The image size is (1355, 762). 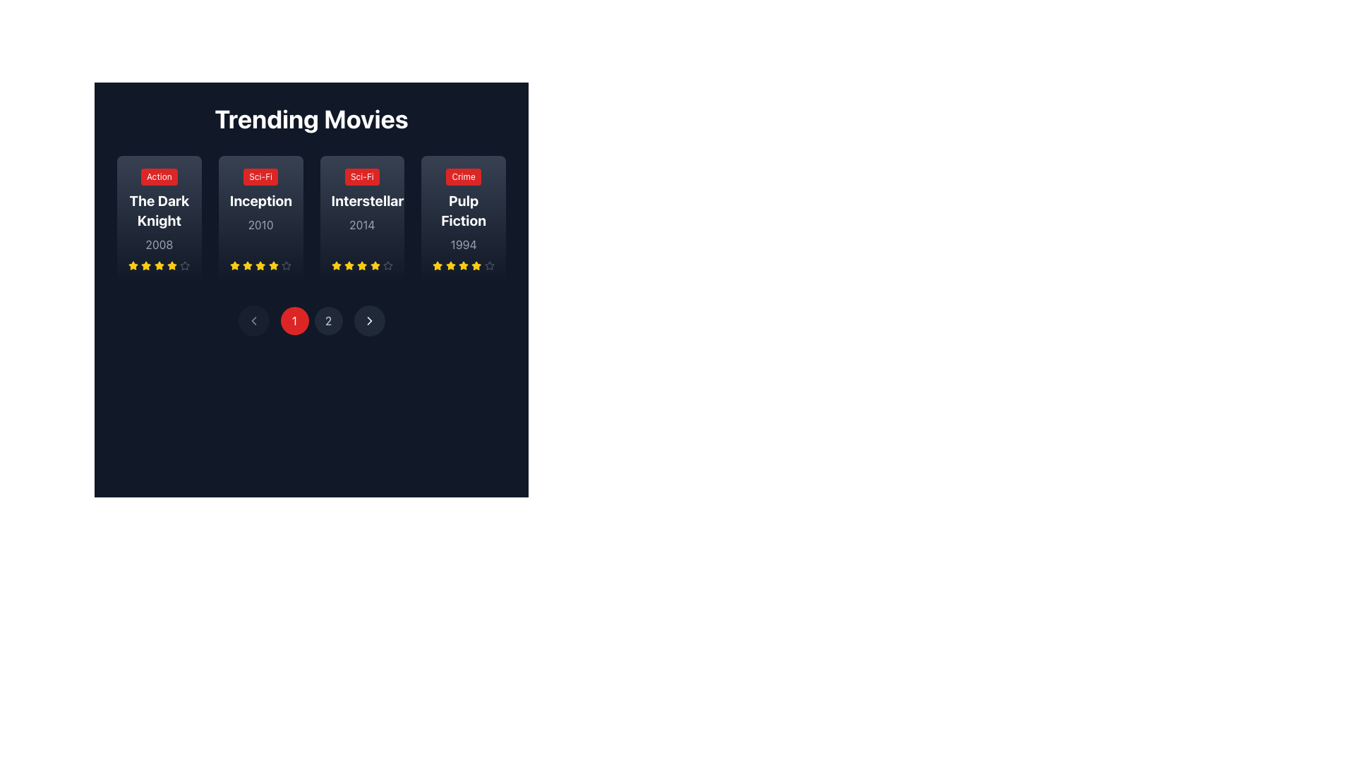 I want to click on text 'Action' from the rectangular button-like component with rounded corners, displayed in white against a red background, located at the top-left corner of the card for the movie 'The Dark Knight', so click(x=159, y=176).